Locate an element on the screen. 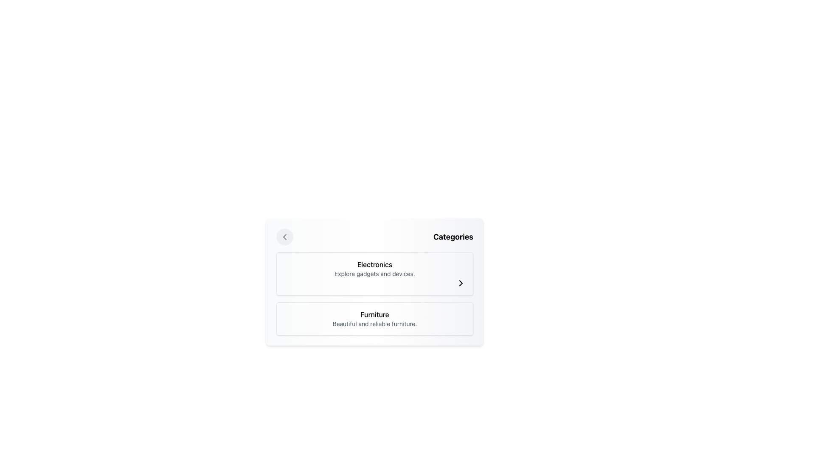 The height and width of the screenshot is (458, 815). text content of the 'Furniture' label, which is the topmost text element in its card interface is located at coordinates (374, 314).